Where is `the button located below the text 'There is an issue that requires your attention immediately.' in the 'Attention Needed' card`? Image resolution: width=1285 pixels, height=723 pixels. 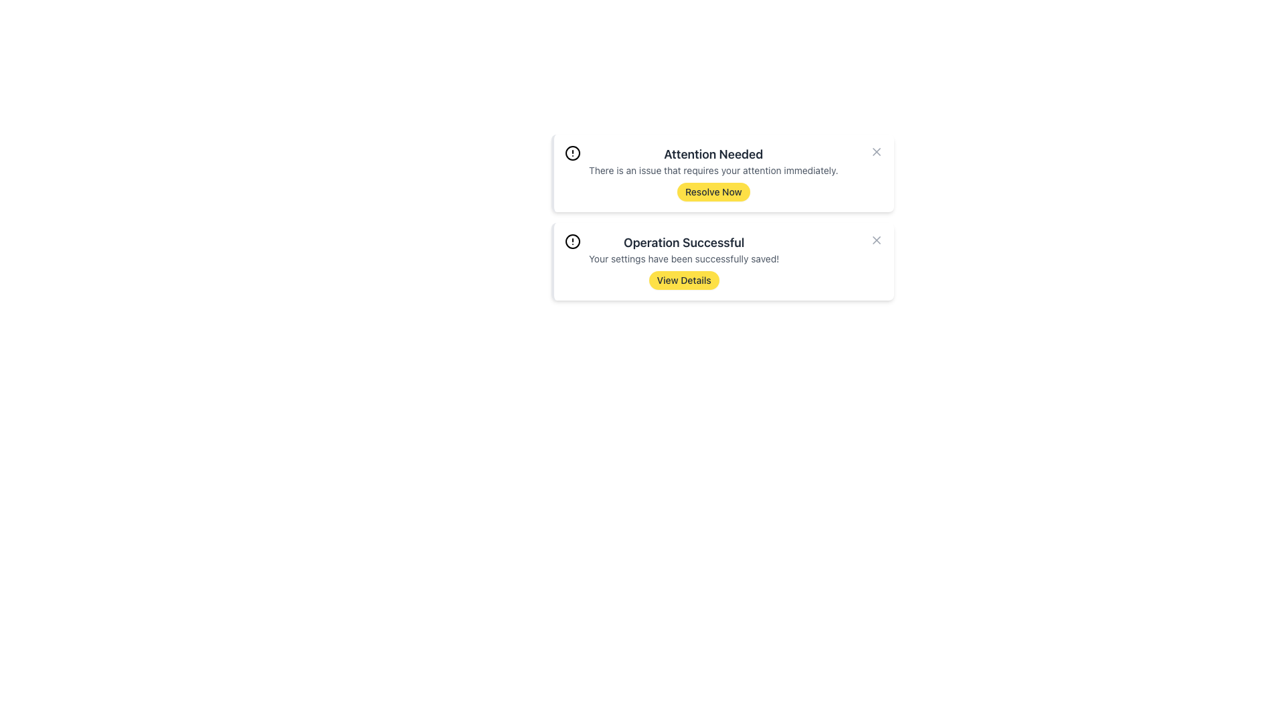
the button located below the text 'There is an issue that requires your attention immediately.' in the 'Attention Needed' card is located at coordinates (713, 191).